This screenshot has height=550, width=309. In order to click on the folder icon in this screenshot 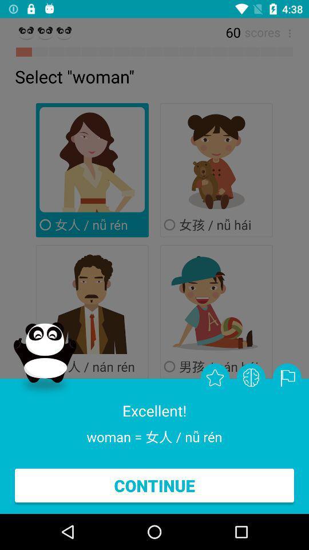, I will do `click(286, 377)`.